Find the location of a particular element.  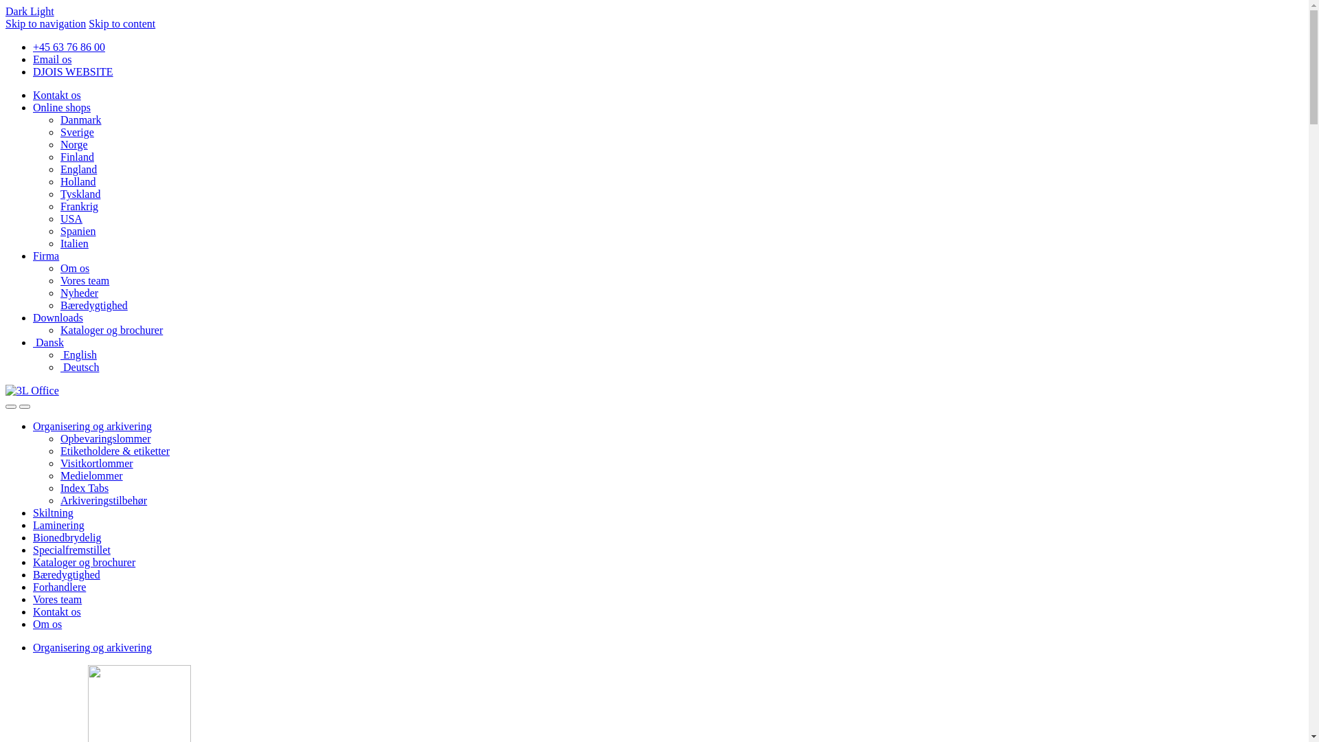

'Dark' is located at coordinates (17, 11).